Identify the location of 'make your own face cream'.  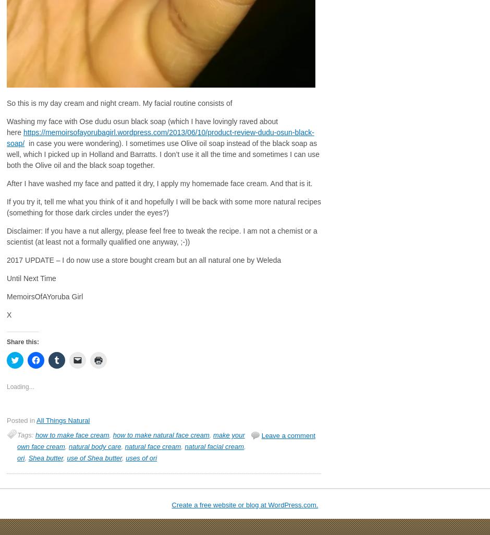
(130, 441).